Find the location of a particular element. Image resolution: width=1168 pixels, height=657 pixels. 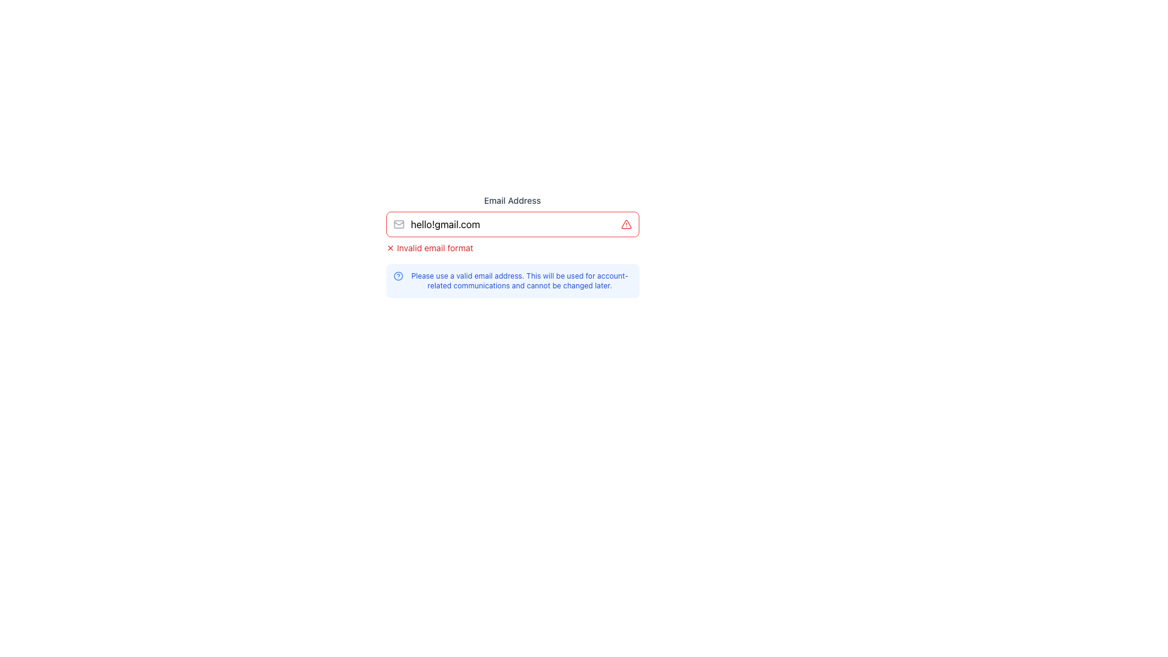

the text message notification that reads 'Please use a valid email address. This will be used for account-related communications and cannot be changed later.' is located at coordinates (520, 281).